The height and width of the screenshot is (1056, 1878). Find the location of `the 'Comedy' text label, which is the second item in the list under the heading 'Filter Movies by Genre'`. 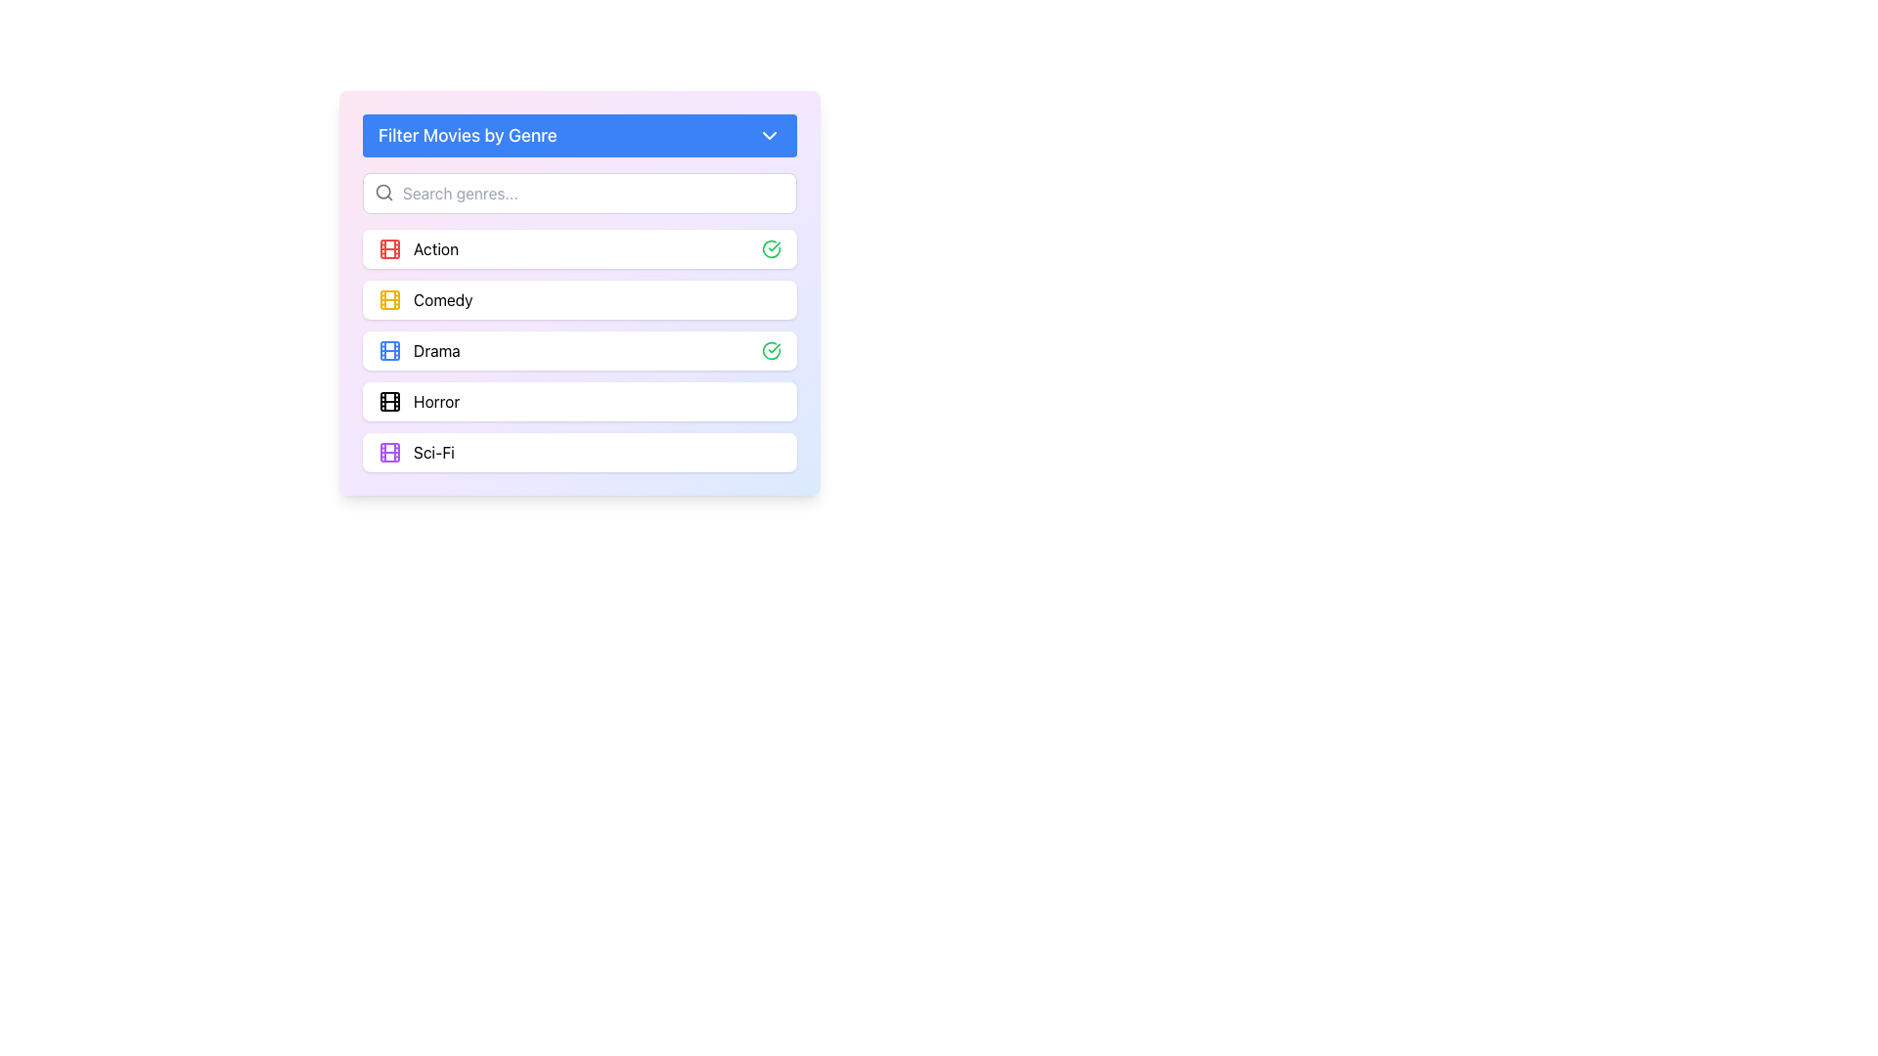

the 'Comedy' text label, which is the second item in the list under the heading 'Filter Movies by Genre' is located at coordinates (442, 300).